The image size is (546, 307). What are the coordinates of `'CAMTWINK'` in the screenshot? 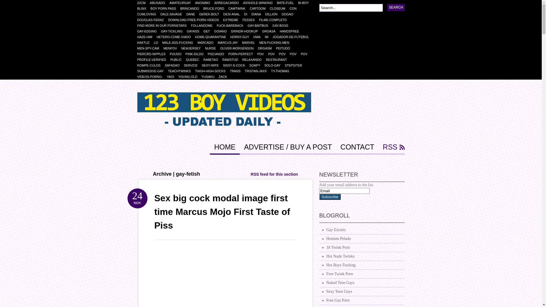 It's located at (228, 9).